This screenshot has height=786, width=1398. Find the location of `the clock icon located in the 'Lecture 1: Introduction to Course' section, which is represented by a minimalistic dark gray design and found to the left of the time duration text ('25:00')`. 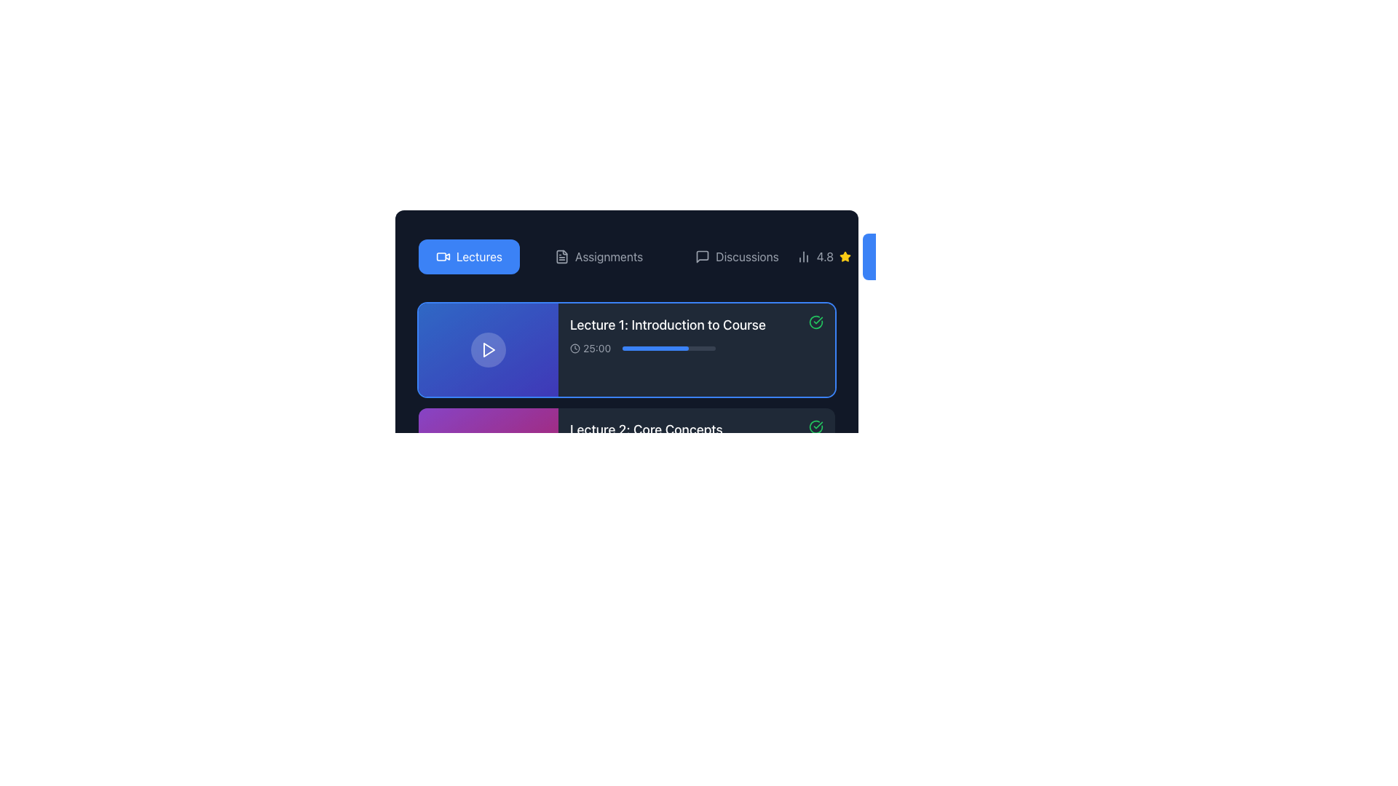

the clock icon located in the 'Lecture 1: Introduction to Course' section, which is represented by a minimalistic dark gray design and found to the left of the time duration text ('25:00') is located at coordinates (574, 348).